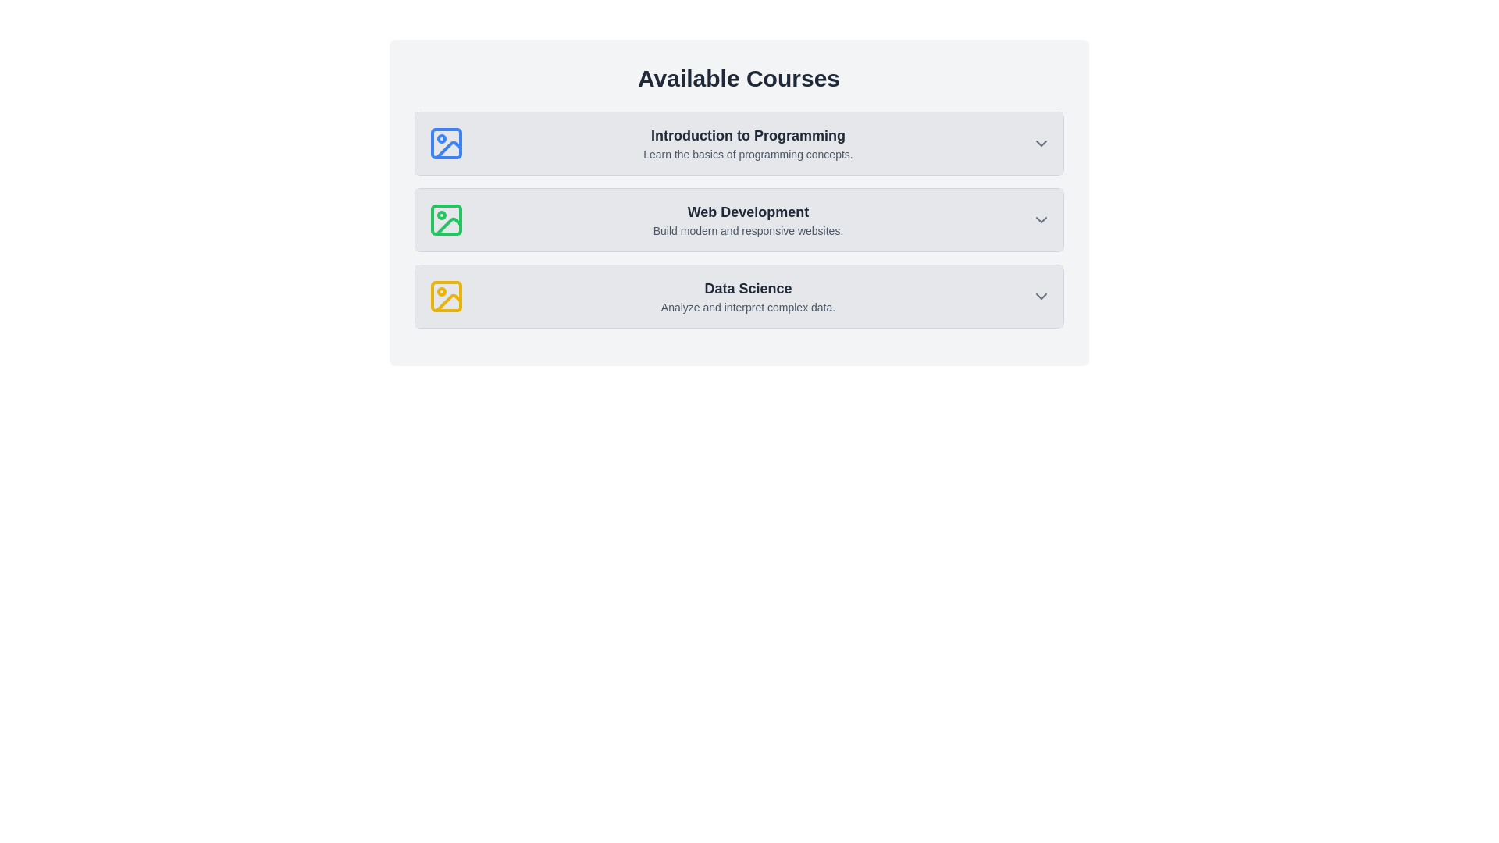 The width and height of the screenshot is (1499, 843). What do you see at coordinates (445, 297) in the screenshot?
I see `the yellow-colored image icon resembling a picture frame located to the left of the 'Data Science' text in the course list` at bounding box center [445, 297].